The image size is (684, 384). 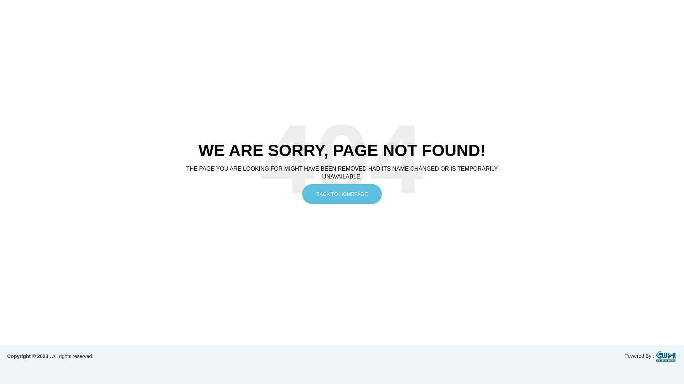 I want to click on 'BACK TO HOMEPAGE', so click(x=302, y=194).